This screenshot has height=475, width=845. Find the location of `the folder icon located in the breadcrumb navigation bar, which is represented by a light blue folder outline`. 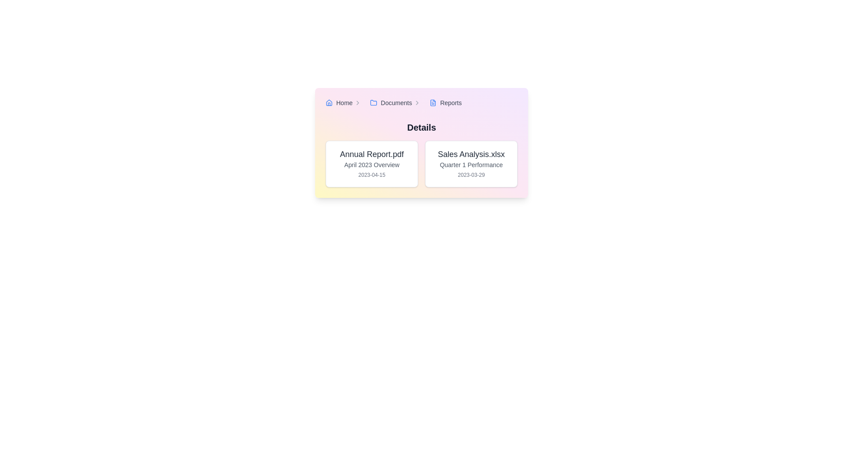

the folder icon located in the breadcrumb navigation bar, which is represented by a light blue folder outline is located at coordinates (374, 102).